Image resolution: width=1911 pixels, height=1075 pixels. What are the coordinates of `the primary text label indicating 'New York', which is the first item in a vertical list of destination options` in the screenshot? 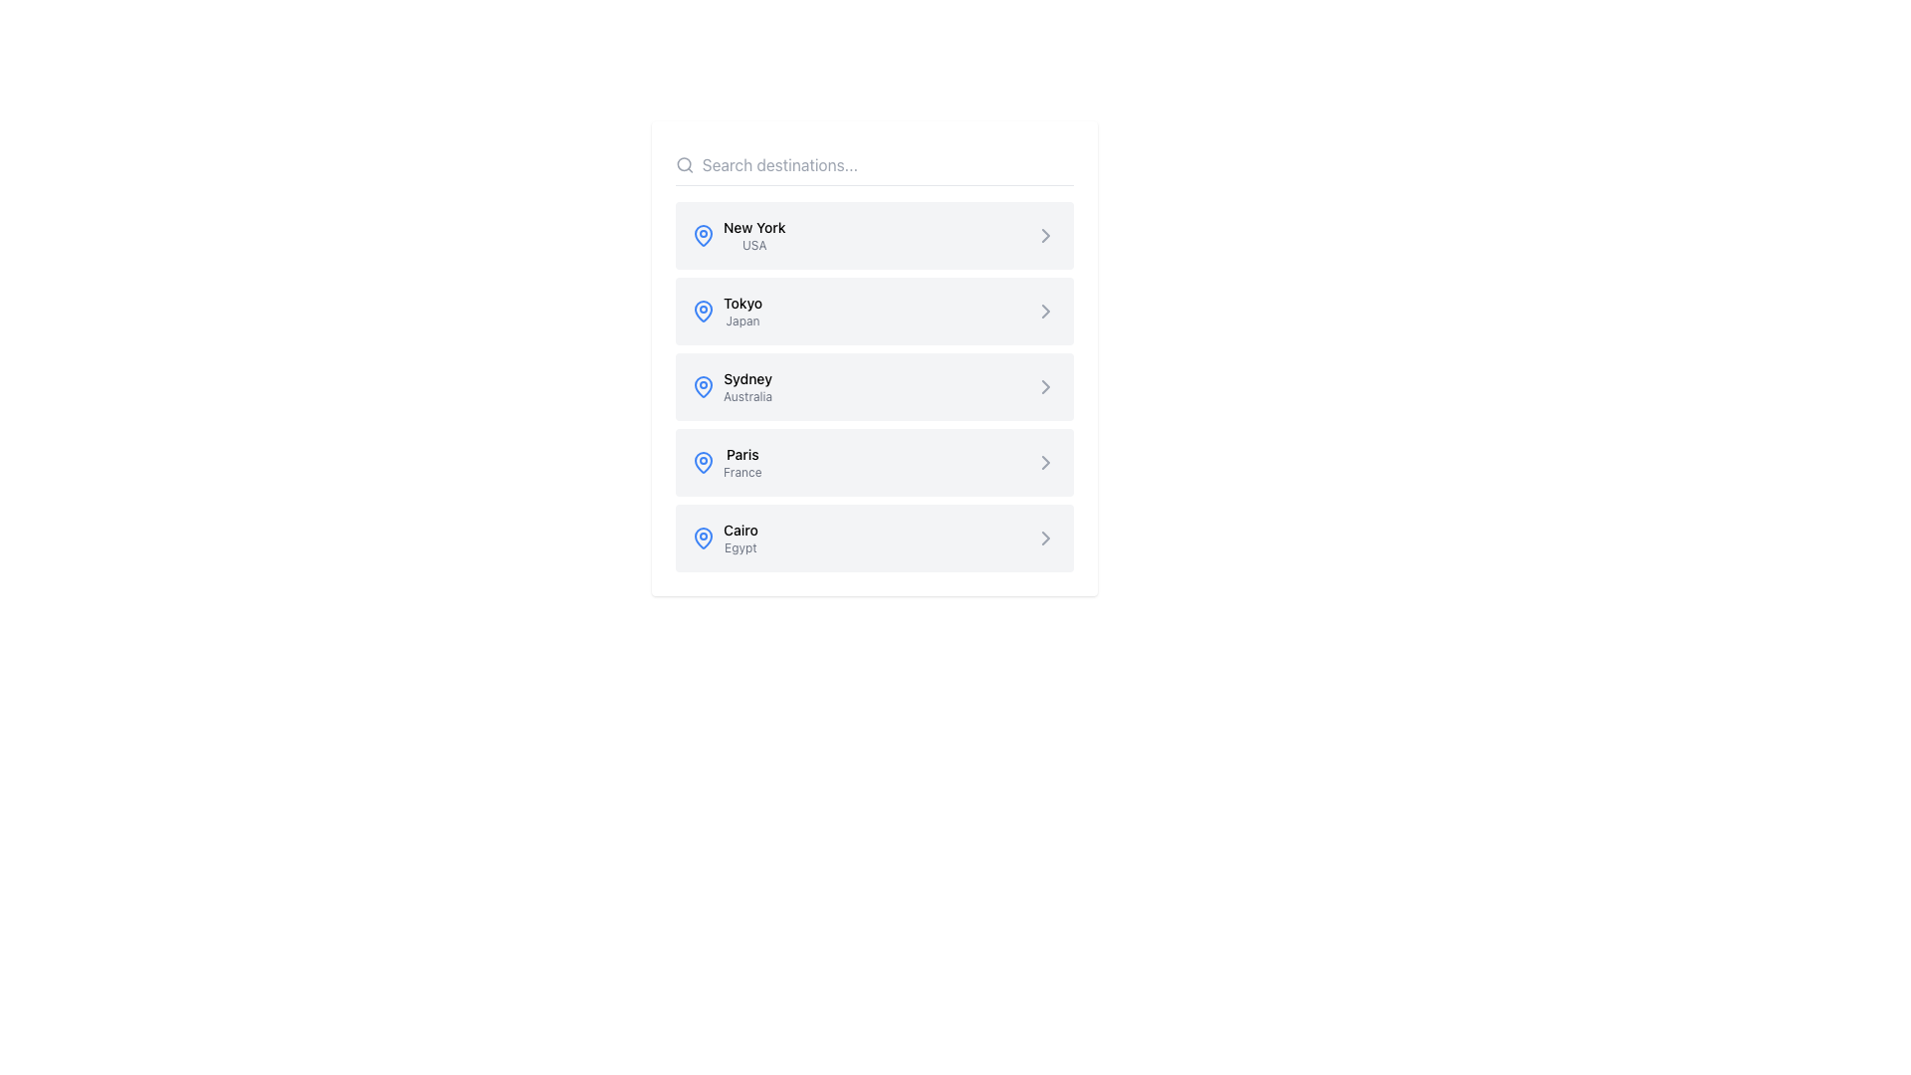 It's located at (753, 226).